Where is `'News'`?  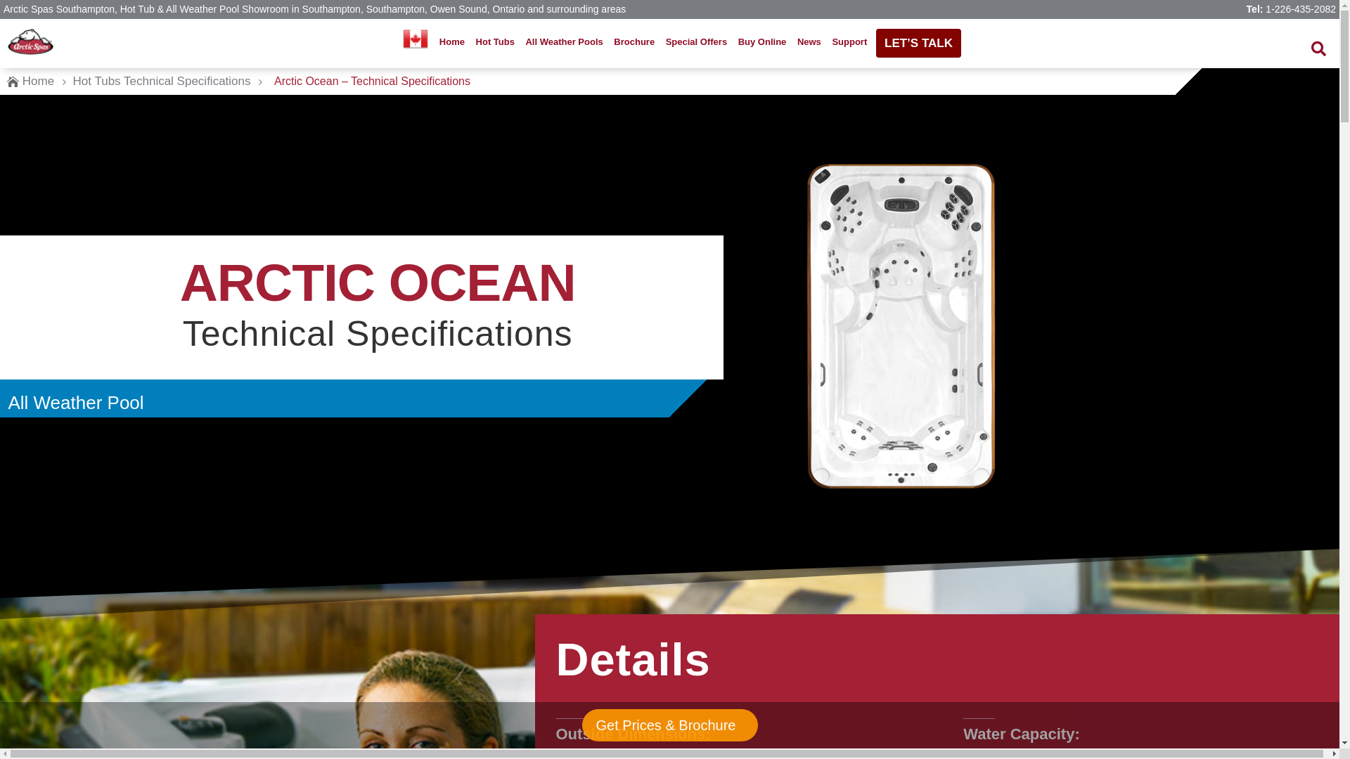 'News' is located at coordinates (809, 41).